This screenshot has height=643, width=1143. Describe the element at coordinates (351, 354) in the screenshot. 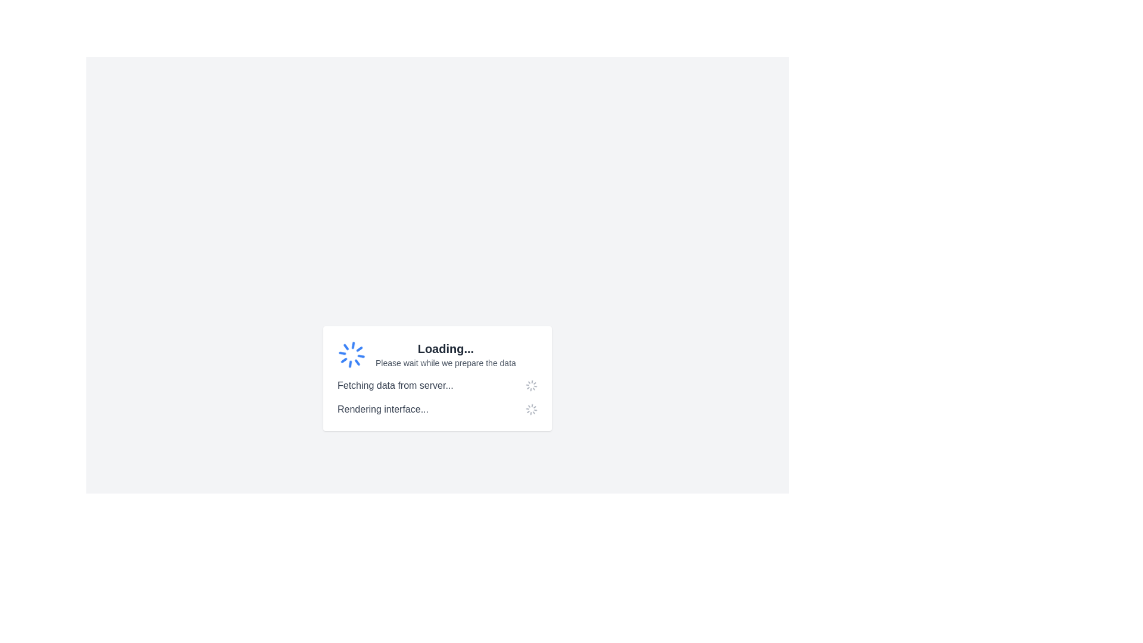

I see `the blue rotating loader spinner located to the left of the 'Loading...' and 'Please wait while we prepare the data' text block` at that location.